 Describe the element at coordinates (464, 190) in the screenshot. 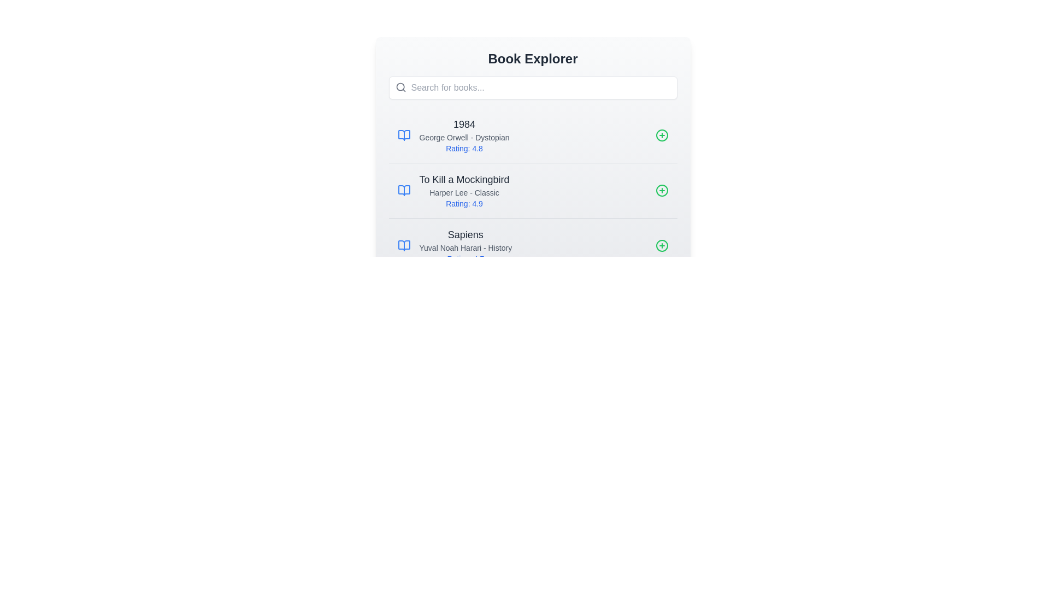

I see `the Text Display Block that provides information about the book 'To Kill a Mockingbird', which is the second element in a vertical list of books` at that location.